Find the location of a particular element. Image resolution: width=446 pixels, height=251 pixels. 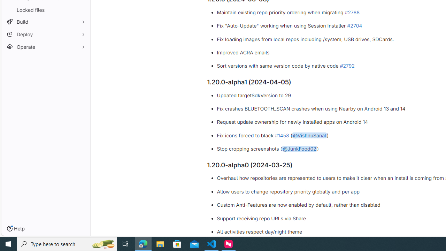

'Locked files' is located at coordinates (45, 10).